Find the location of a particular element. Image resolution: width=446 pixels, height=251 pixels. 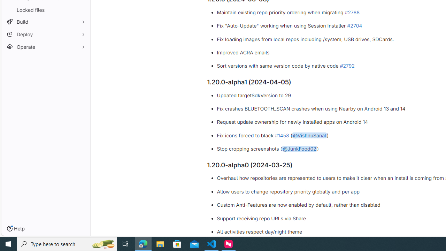

'Locked files' is located at coordinates (45, 10).